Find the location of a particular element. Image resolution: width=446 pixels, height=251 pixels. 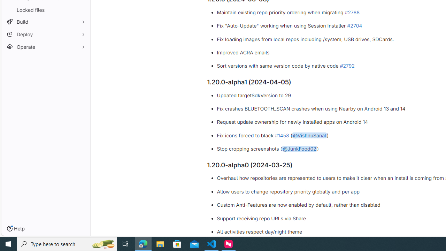

'Locked files' is located at coordinates (45, 10).